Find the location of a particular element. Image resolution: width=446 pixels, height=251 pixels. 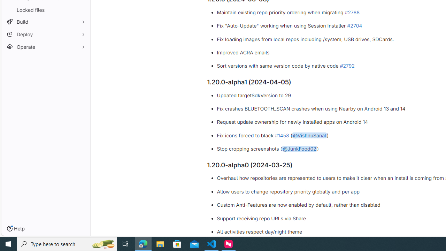

'Locked files' is located at coordinates (45, 10).